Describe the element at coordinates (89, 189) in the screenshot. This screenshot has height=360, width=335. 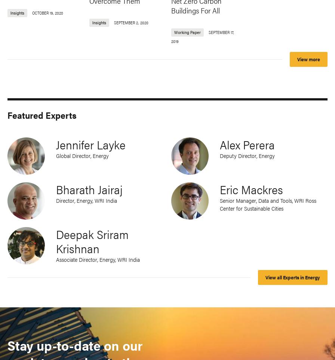
I see `'Bharath Jairaj'` at that location.